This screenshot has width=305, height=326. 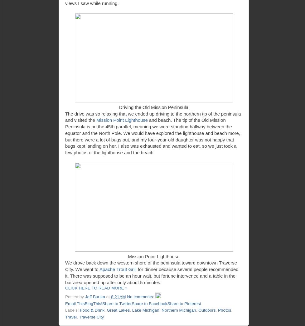 What do you see at coordinates (118, 296) in the screenshot?
I see `'8:21 AM'` at bounding box center [118, 296].